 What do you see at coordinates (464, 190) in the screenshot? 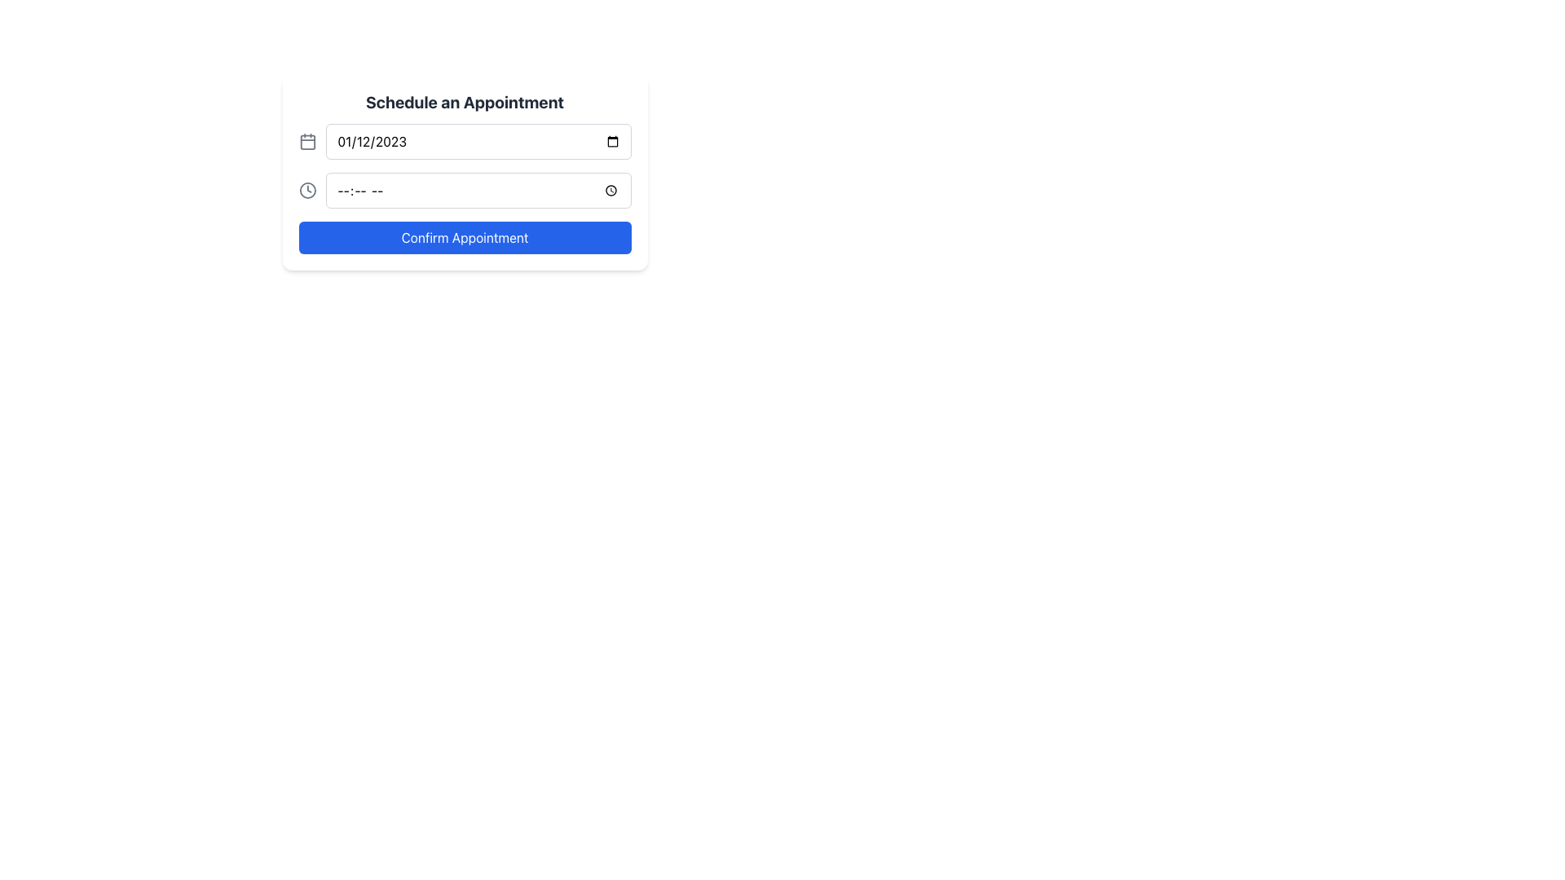
I see `the clock icons associated with the Time input component in the 'Schedule an Appointment' form, located below the date picker input` at bounding box center [464, 190].